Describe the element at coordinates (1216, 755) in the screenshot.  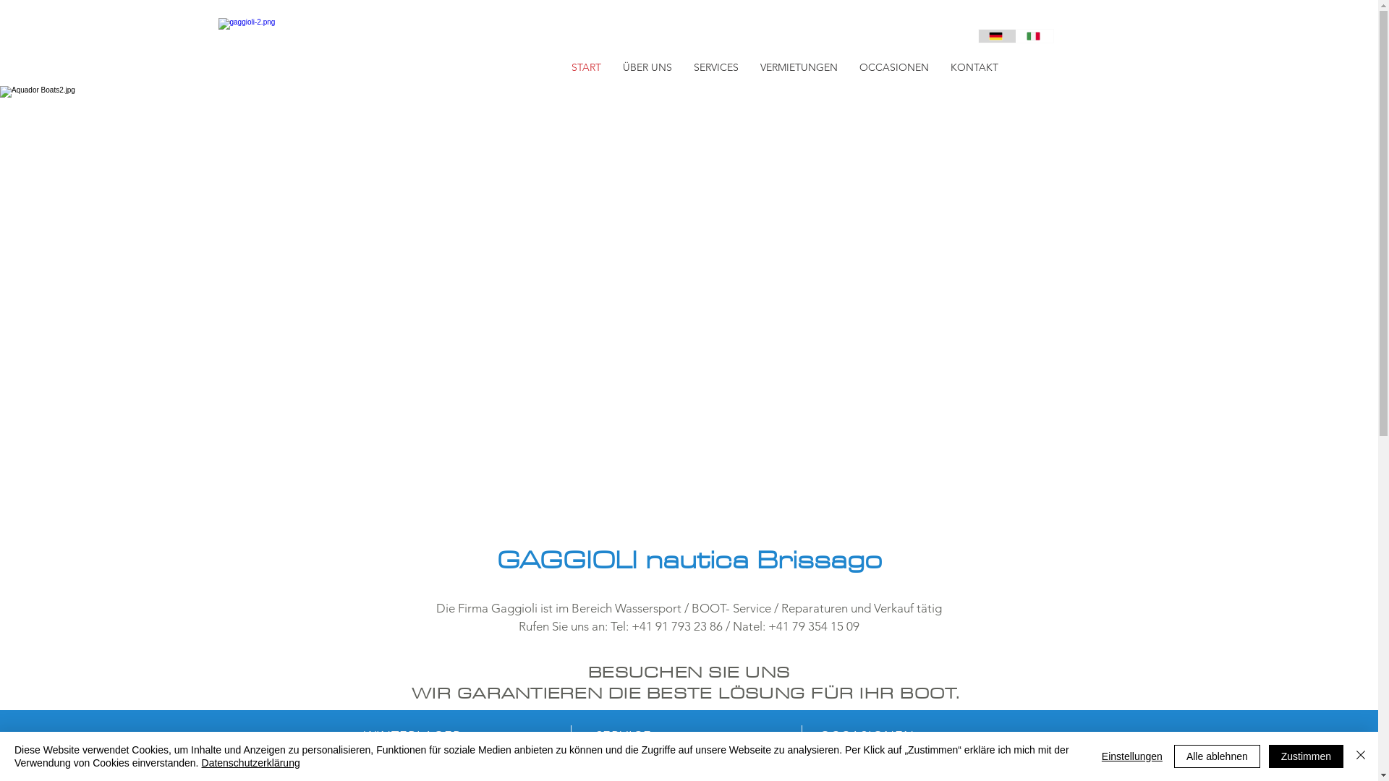
I see `'Alle ablehnen'` at that location.